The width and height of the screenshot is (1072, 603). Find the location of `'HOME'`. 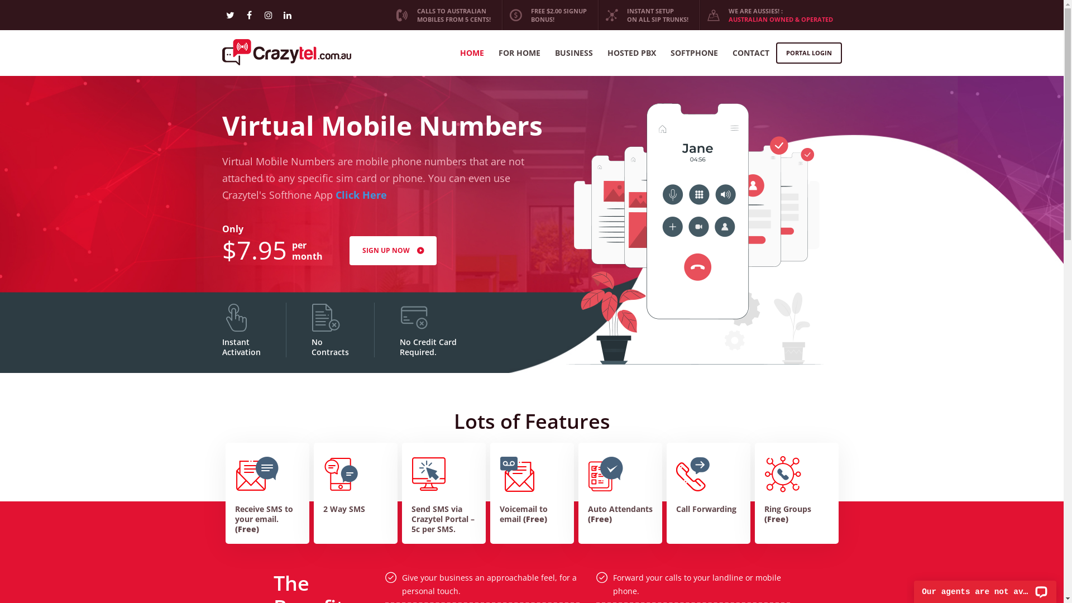

'HOME' is located at coordinates (472, 53).